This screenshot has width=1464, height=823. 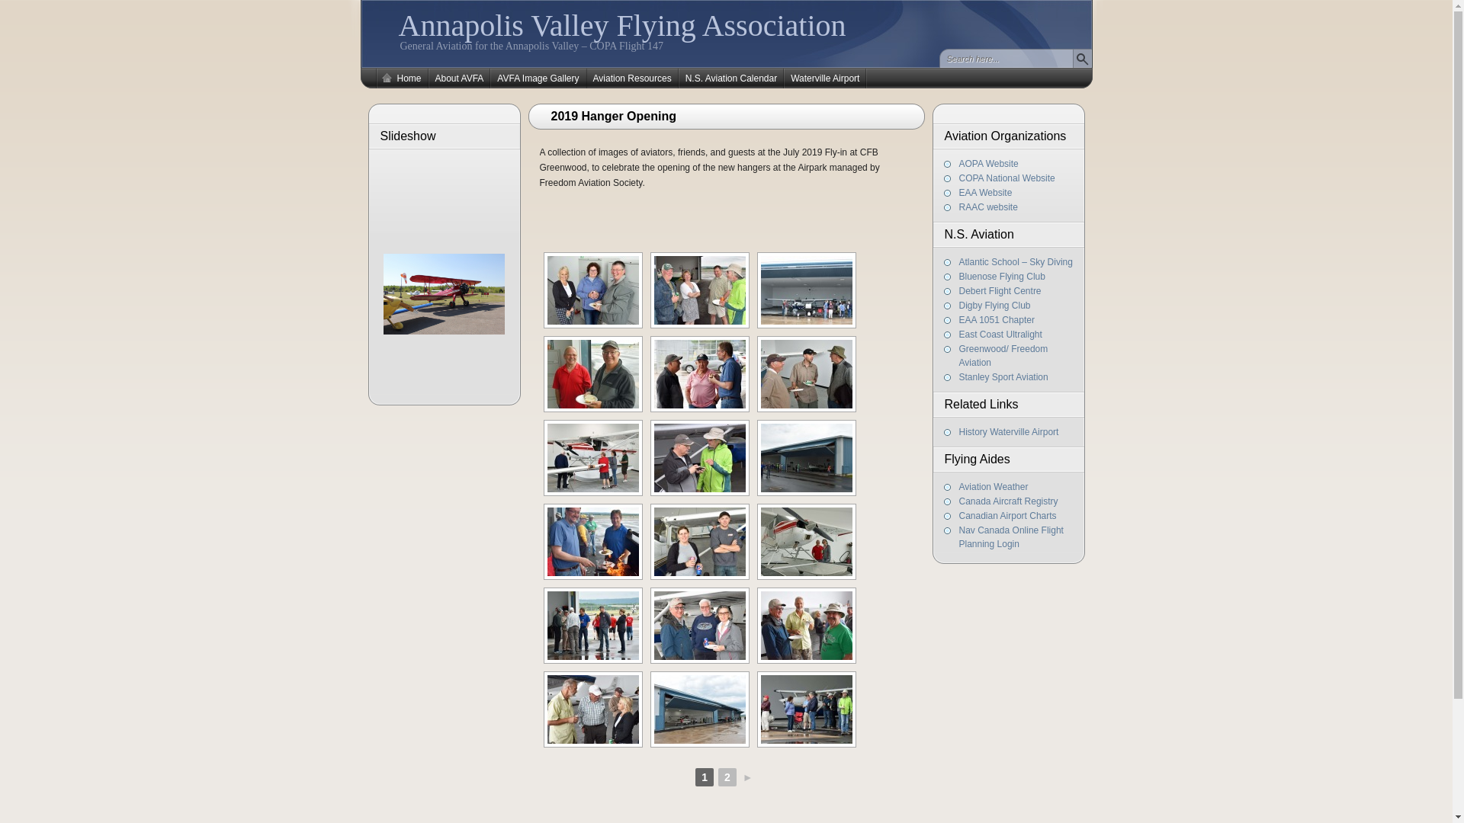 What do you see at coordinates (538, 78) in the screenshot?
I see `'AVFA Image Gallery'` at bounding box center [538, 78].